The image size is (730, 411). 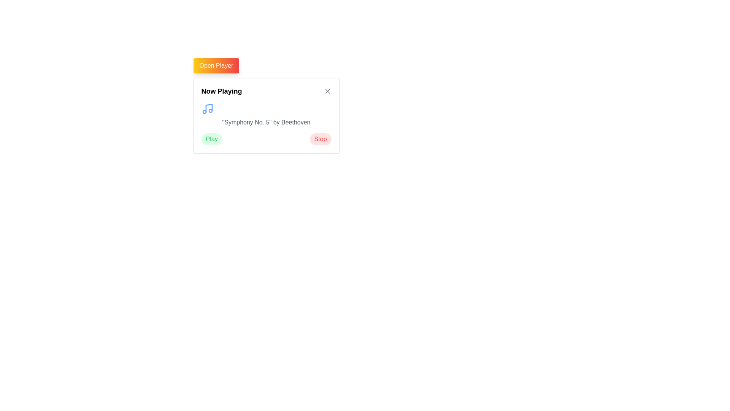 What do you see at coordinates (327, 91) in the screenshot?
I see `the close button with an 'X' symbol located in the top-right corner of the 'Now Playing' section` at bounding box center [327, 91].